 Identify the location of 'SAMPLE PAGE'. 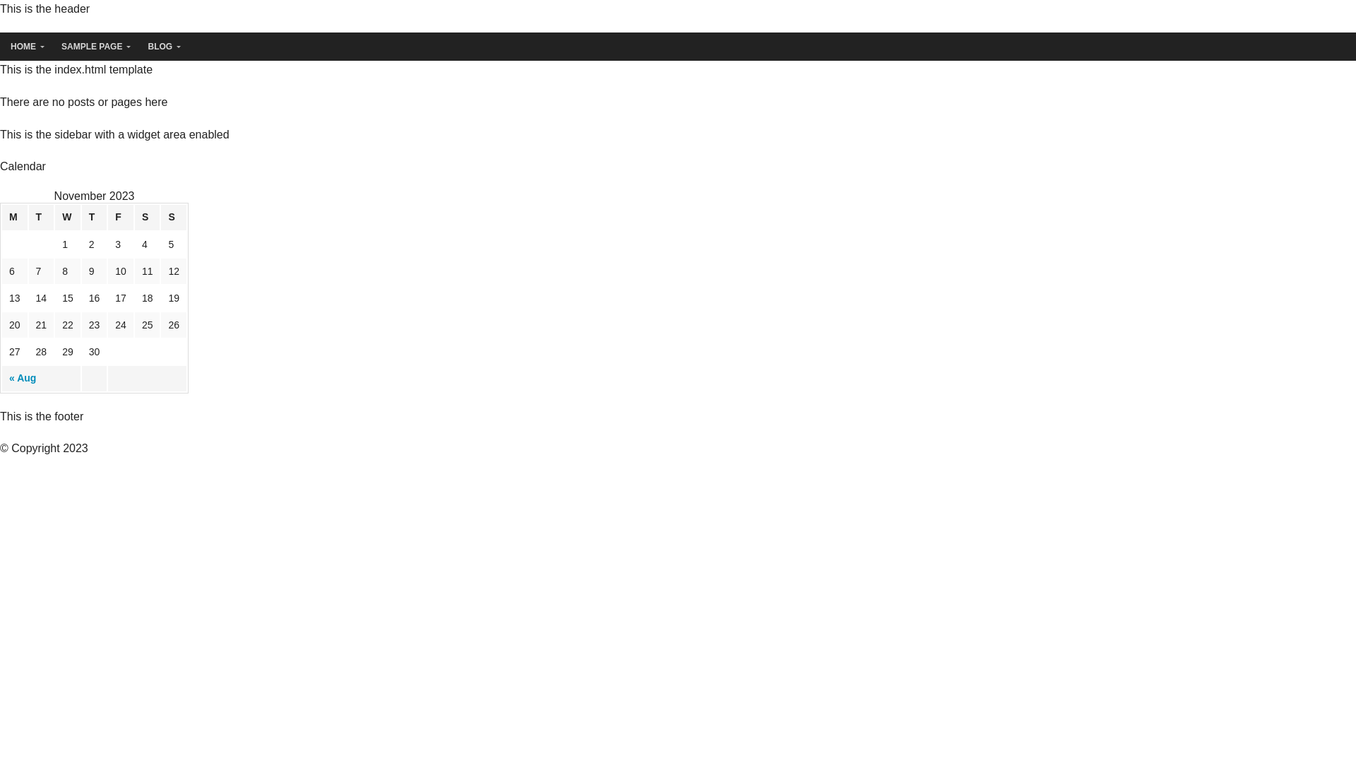
(93, 46).